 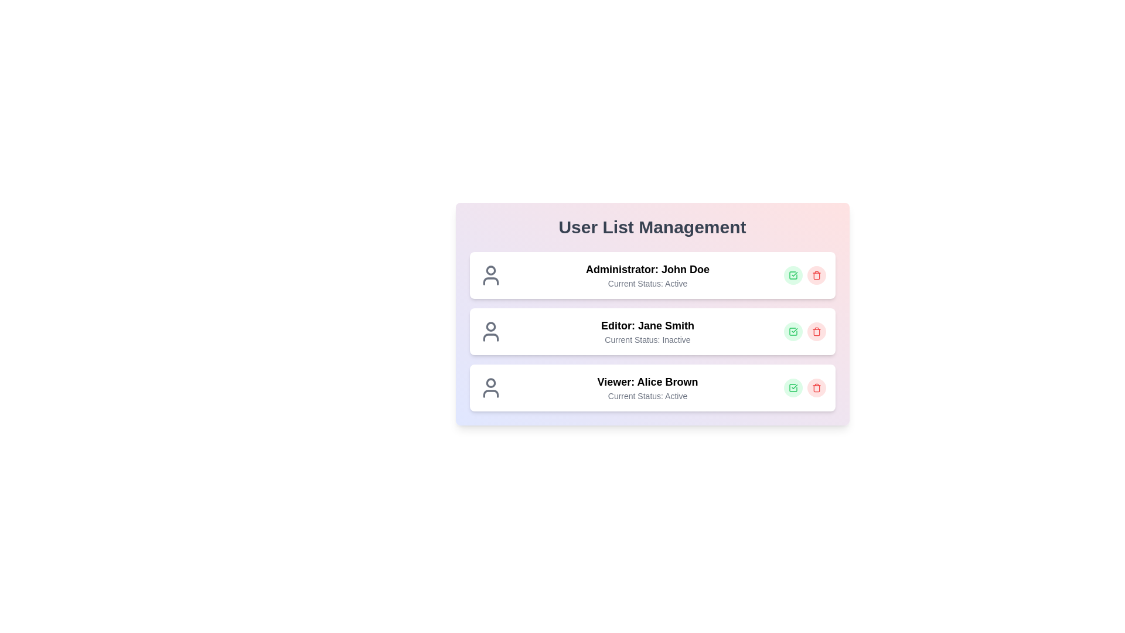 What do you see at coordinates (686, 269) in the screenshot?
I see `the text label that displays the name of the administrator user, located to the right of the 'Administrator:' label in the first row of the user list` at bounding box center [686, 269].